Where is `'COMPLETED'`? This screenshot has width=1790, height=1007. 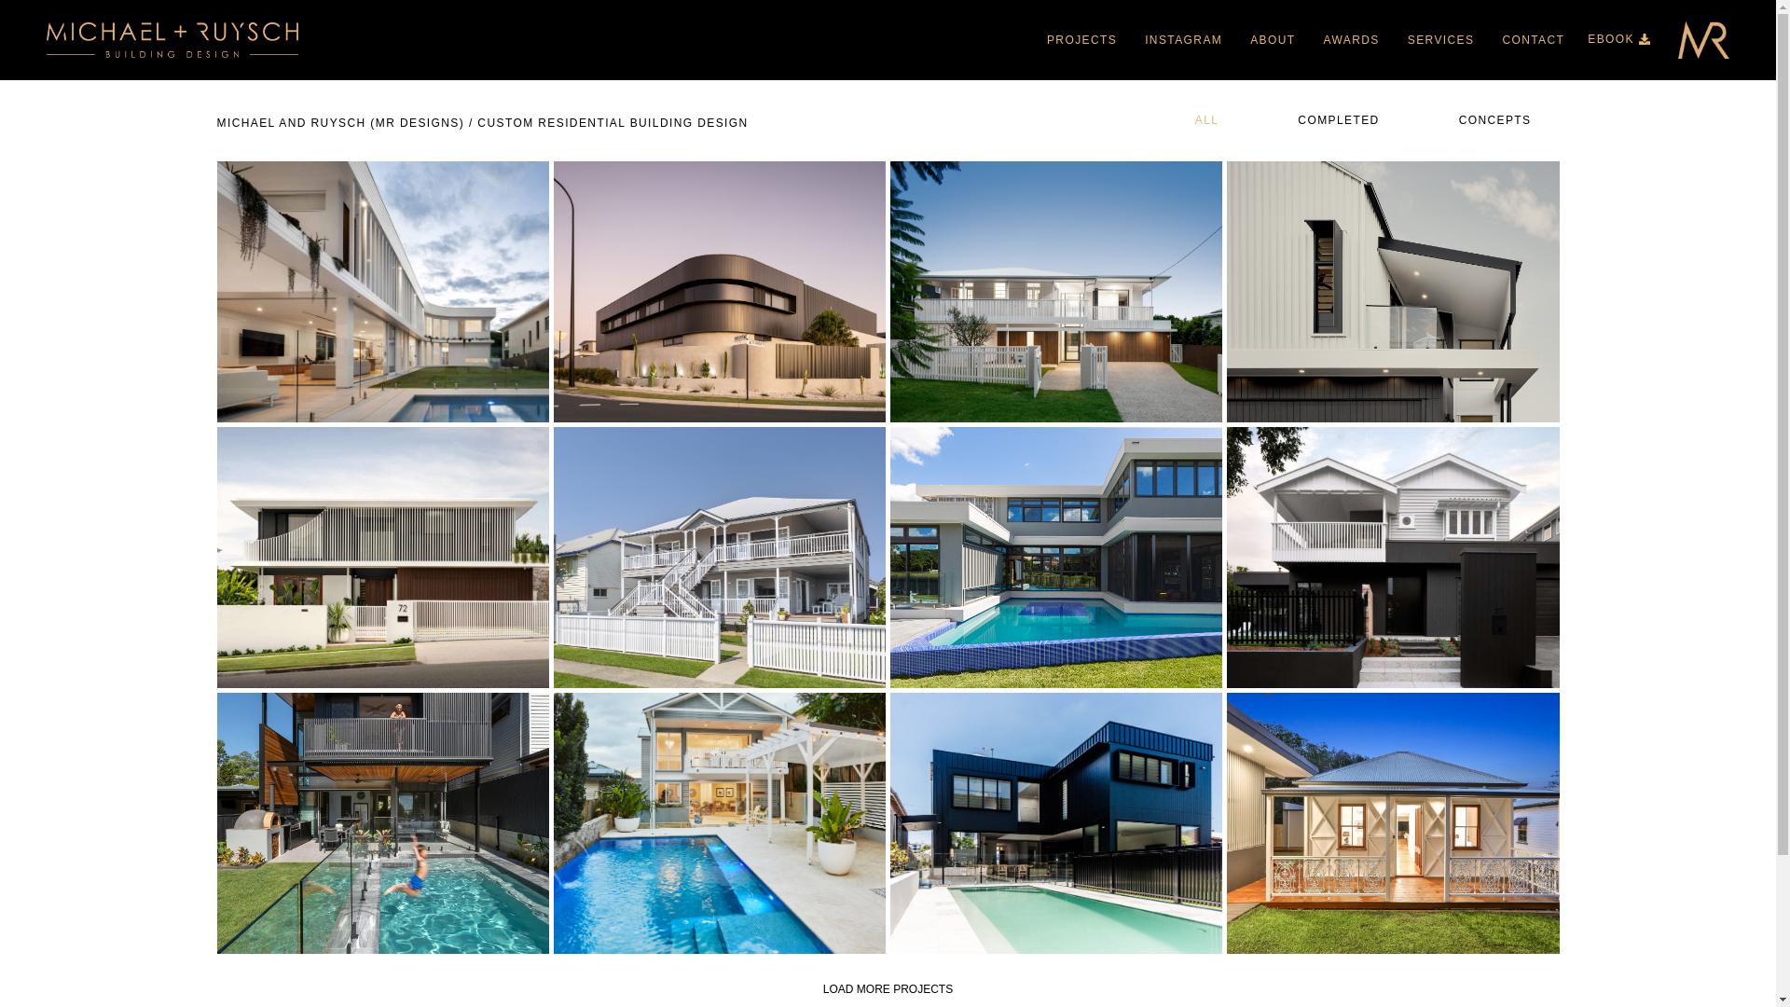
'COMPLETED' is located at coordinates (1335, 122).